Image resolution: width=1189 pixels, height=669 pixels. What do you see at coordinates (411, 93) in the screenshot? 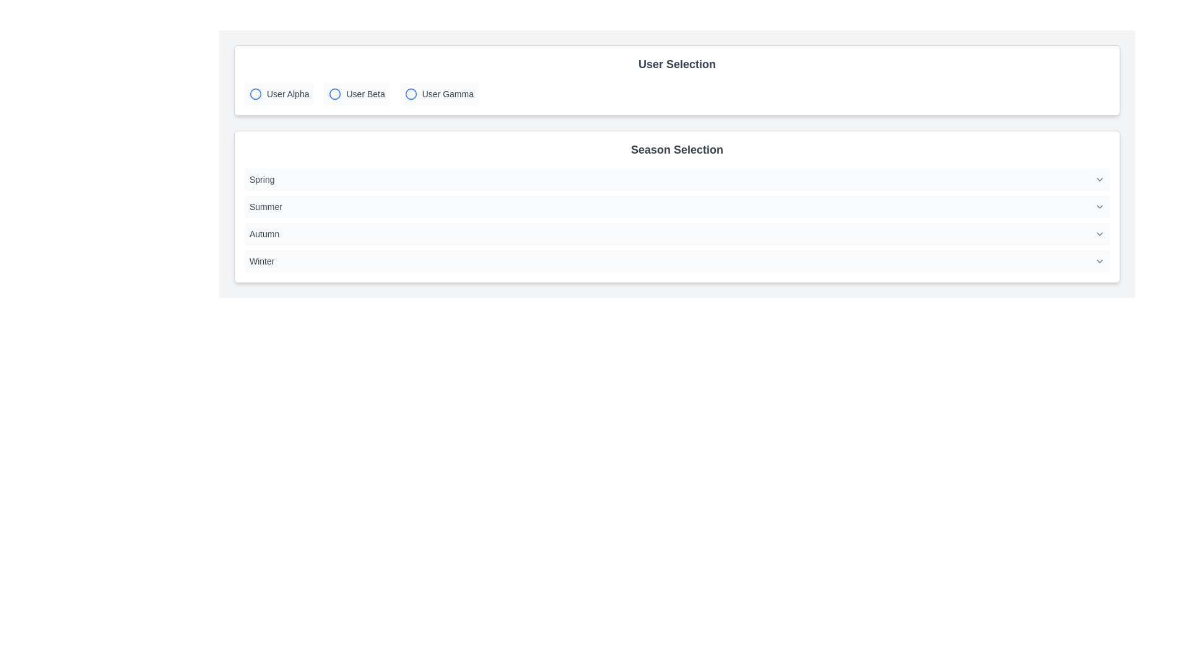
I see `the radio button indicator for 'User Gamma,' which is a circular shape with a blue border and a transparent center, located in the 'User Selection' section` at bounding box center [411, 93].